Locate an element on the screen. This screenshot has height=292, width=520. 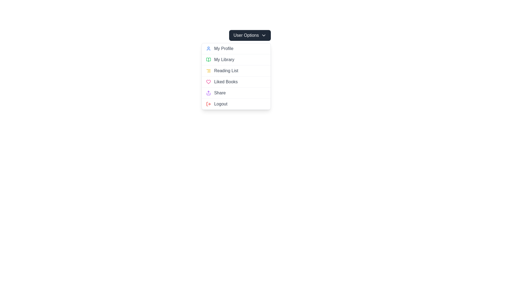
the button located at the top center of the menu component that triggers a drop-down menu for user account options is located at coordinates (249, 35).